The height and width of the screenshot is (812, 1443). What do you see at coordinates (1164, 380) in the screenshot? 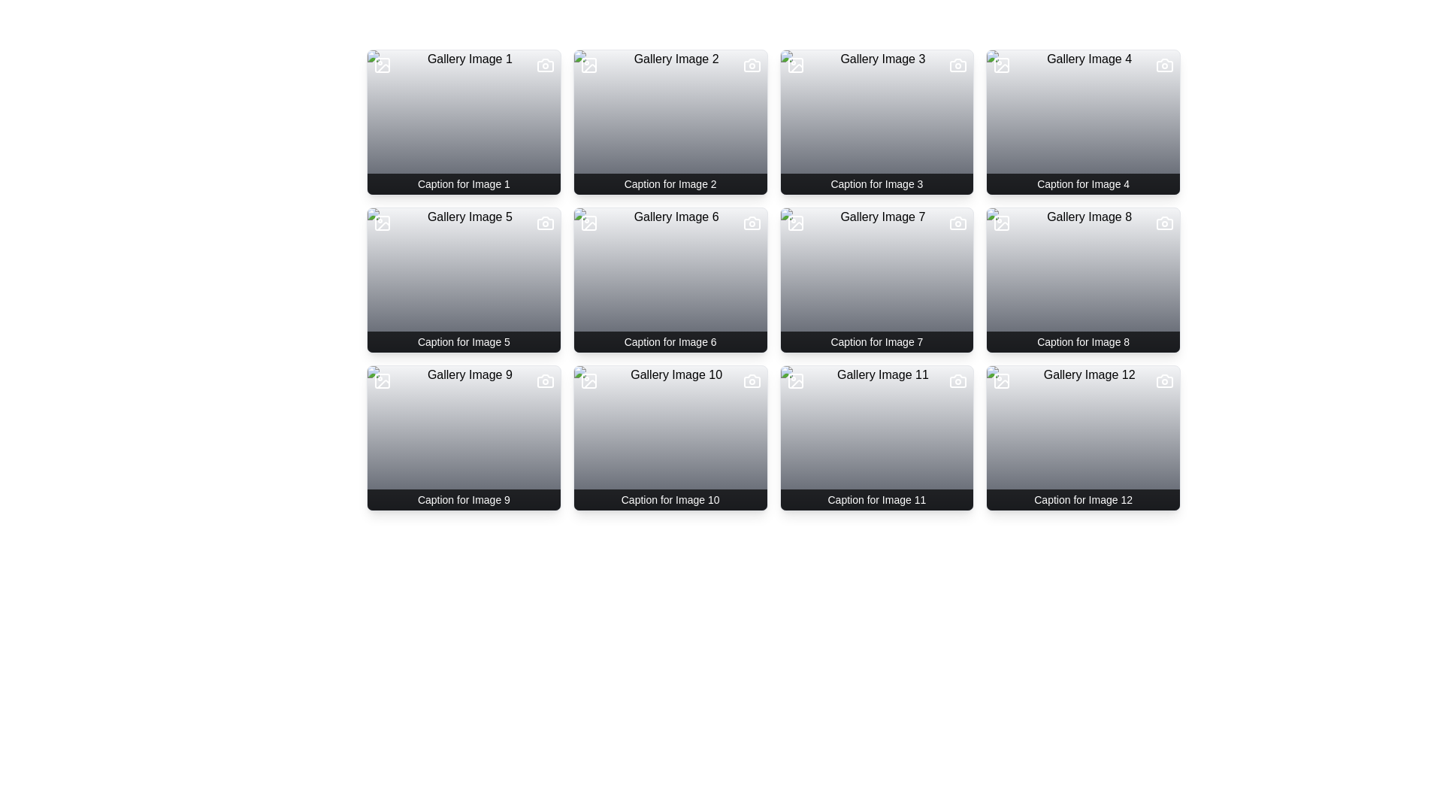
I see `the camera icon located in the top-right corner of the twelfth gallery cell by moving the pointer to its center` at bounding box center [1164, 380].